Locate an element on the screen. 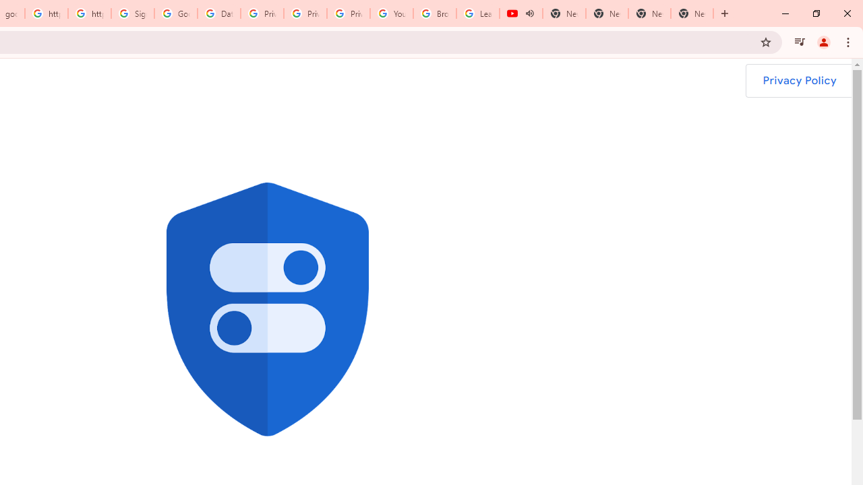 The width and height of the screenshot is (863, 485). 'Privacy Help Center - Policies Help' is located at coordinates (262, 13).